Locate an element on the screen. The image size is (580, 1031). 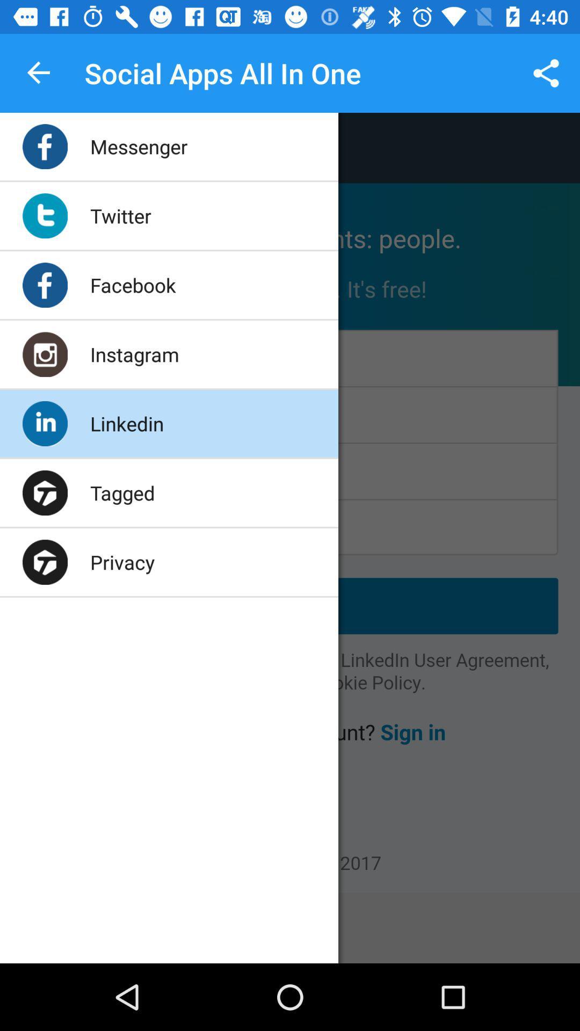
the twitter is located at coordinates (120, 215).